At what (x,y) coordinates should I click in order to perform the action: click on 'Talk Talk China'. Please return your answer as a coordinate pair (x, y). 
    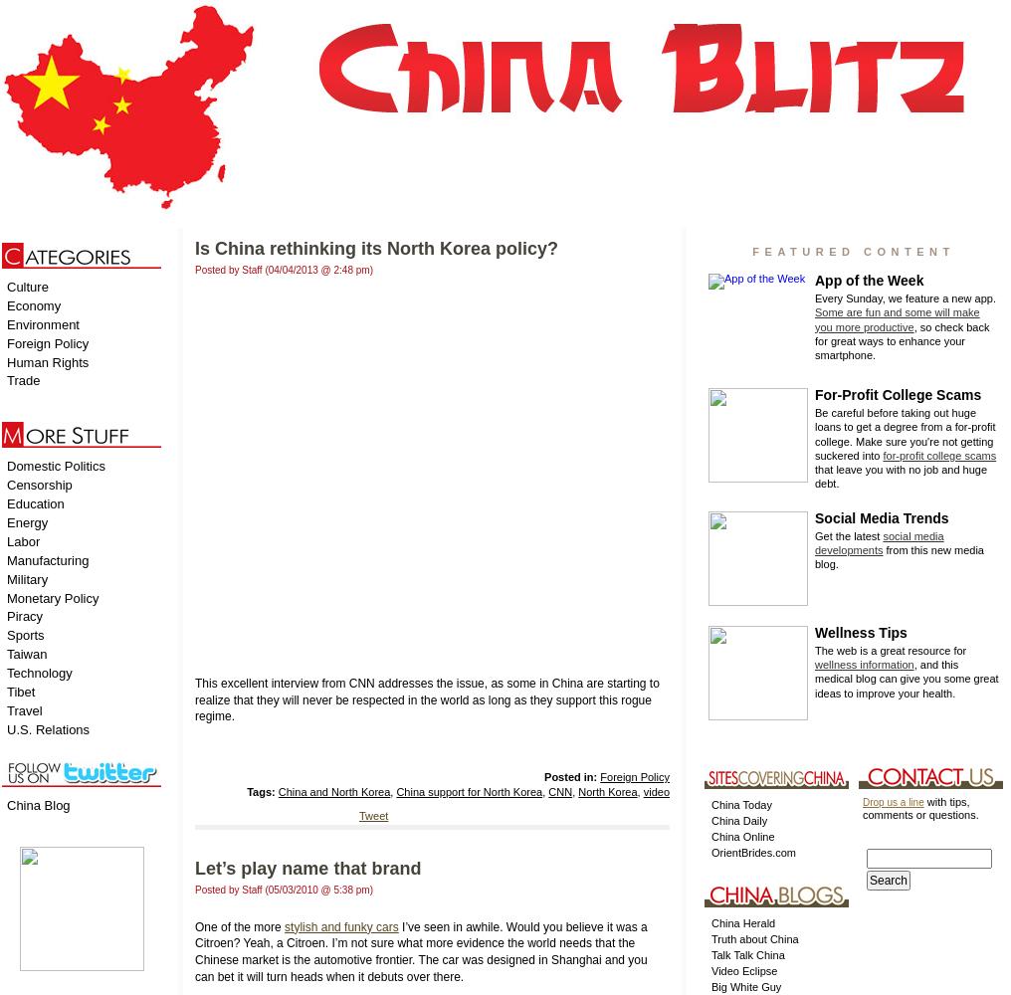
    Looking at the image, I should click on (747, 953).